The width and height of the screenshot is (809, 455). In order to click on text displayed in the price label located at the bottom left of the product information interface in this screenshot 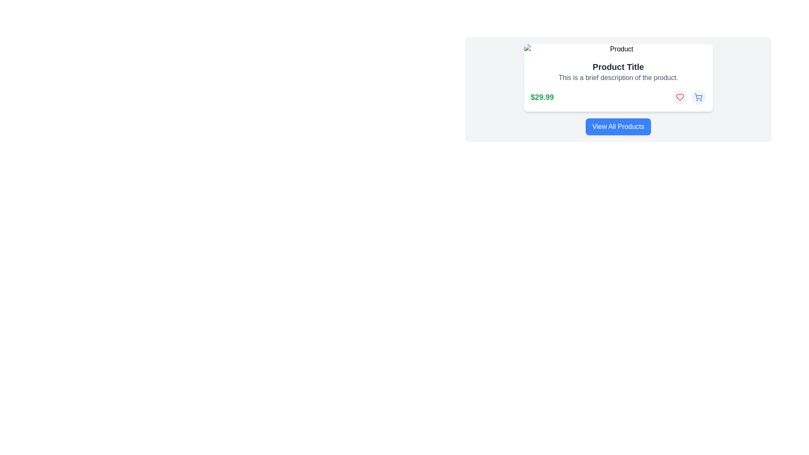, I will do `click(542, 97)`.